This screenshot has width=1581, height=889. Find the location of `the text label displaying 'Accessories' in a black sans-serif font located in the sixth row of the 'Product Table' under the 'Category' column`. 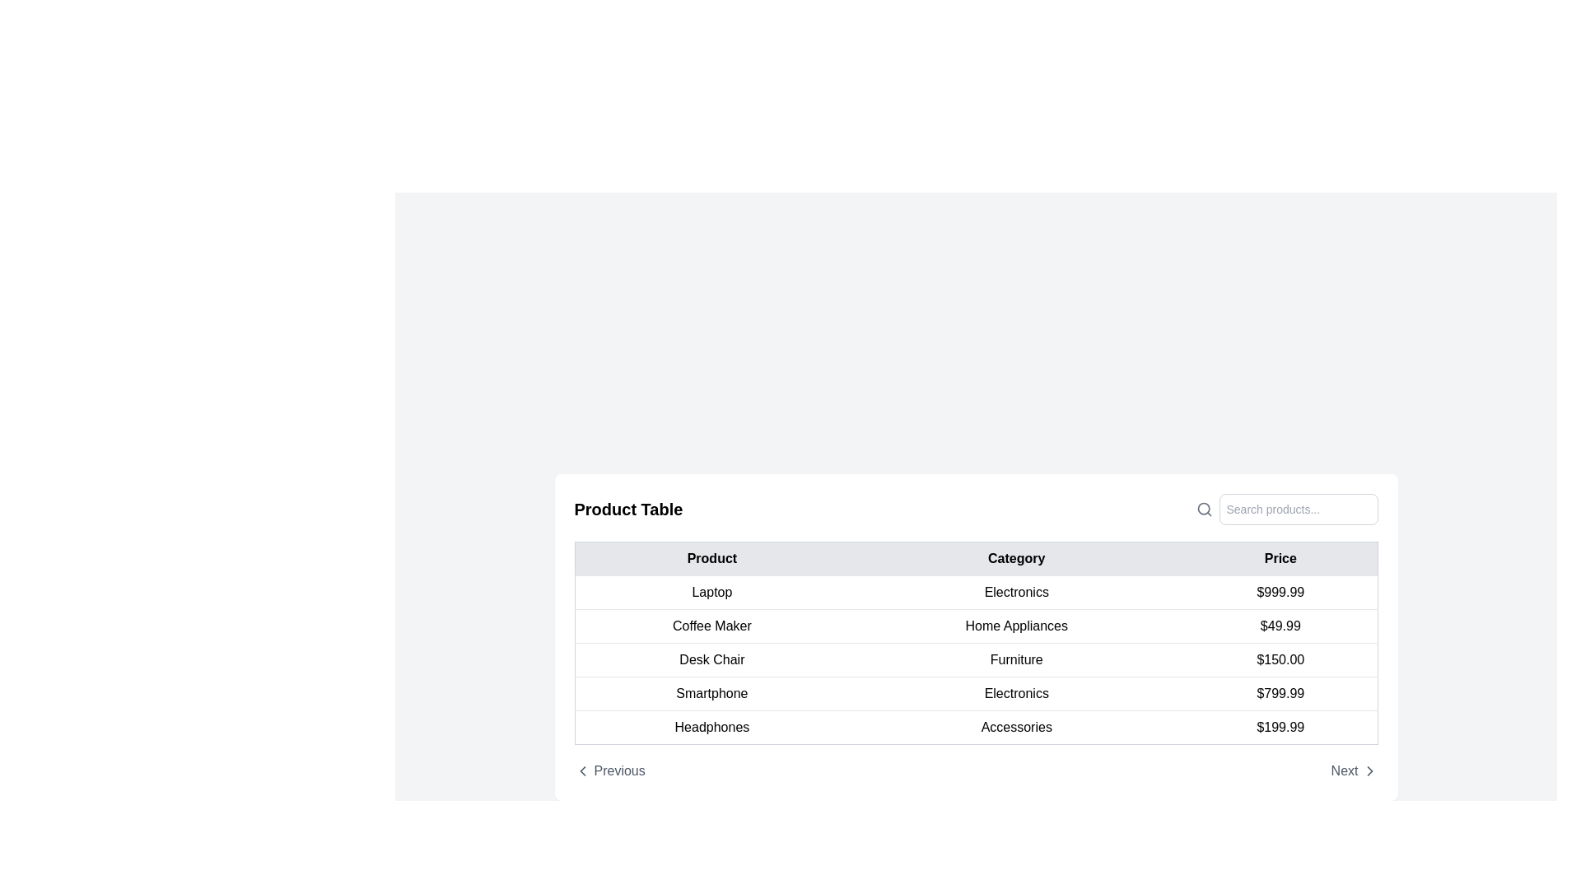

the text label displaying 'Accessories' in a black sans-serif font located in the sixth row of the 'Product Table' under the 'Category' column is located at coordinates (1015, 726).